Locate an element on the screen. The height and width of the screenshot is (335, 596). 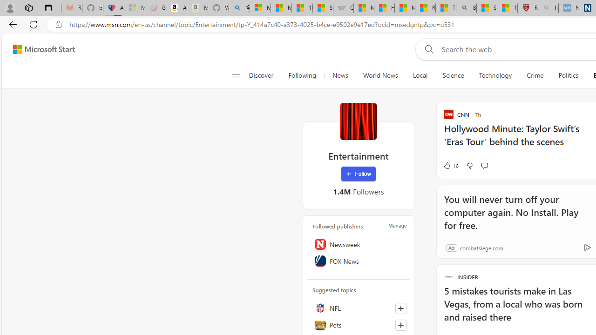
'16 Like' is located at coordinates (451, 165).